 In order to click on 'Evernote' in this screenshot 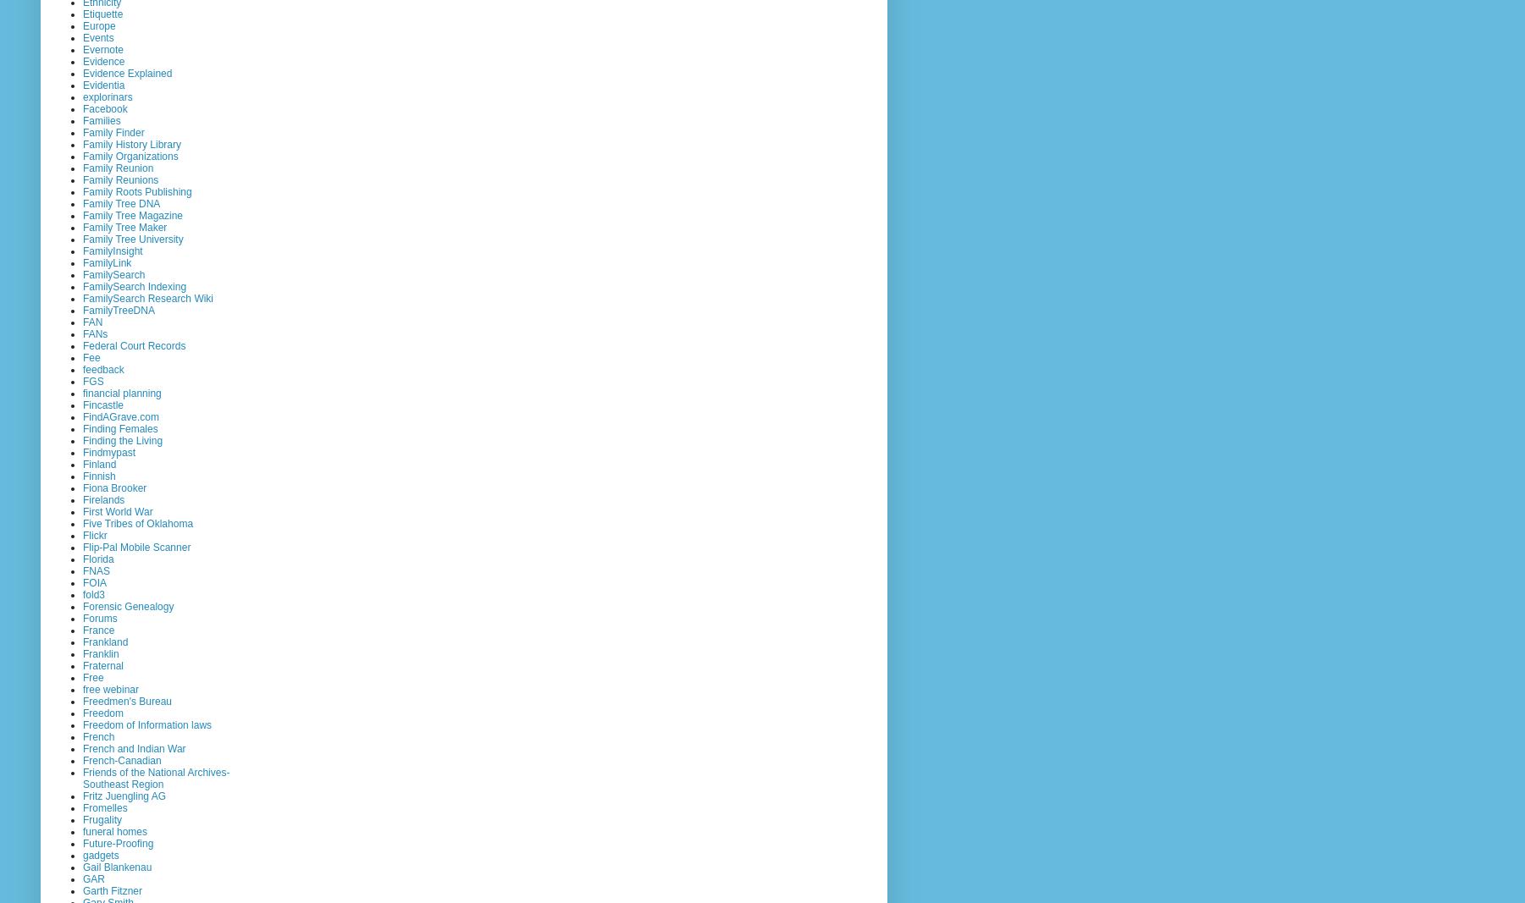, I will do `click(102, 48)`.